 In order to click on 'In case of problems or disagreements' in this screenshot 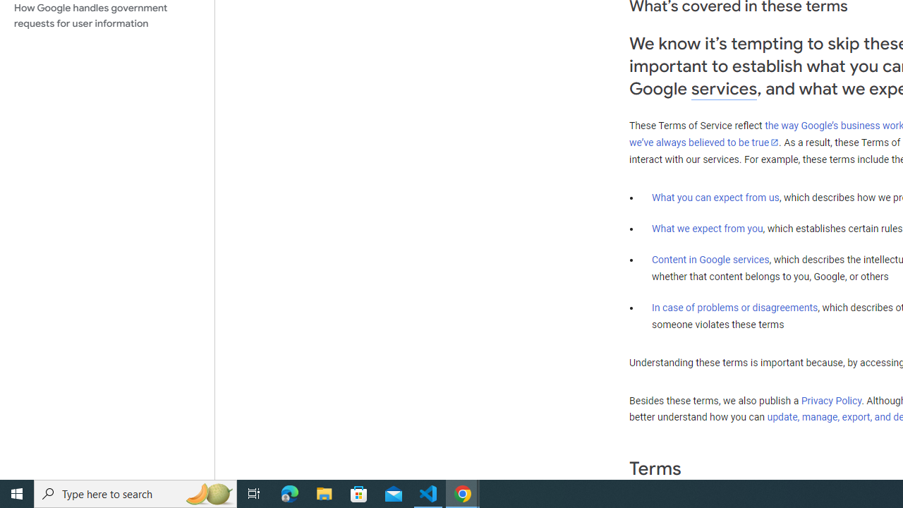, I will do `click(734, 306)`.